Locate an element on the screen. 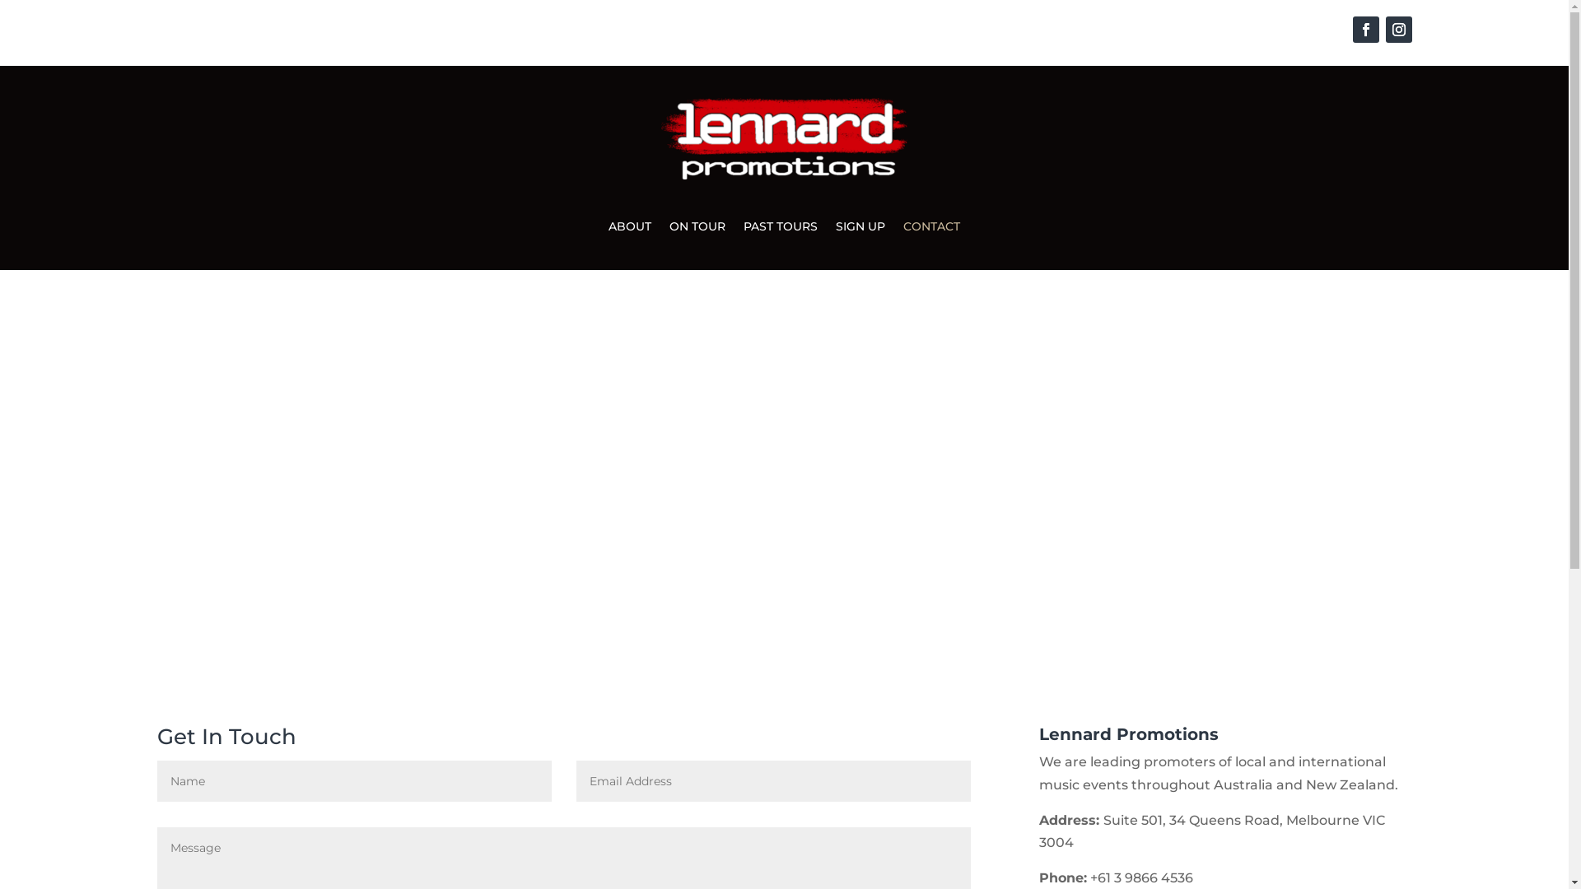 This screenshot has width=1581, height=889. 'ON TOUR' is located at coordinates (697, 229).